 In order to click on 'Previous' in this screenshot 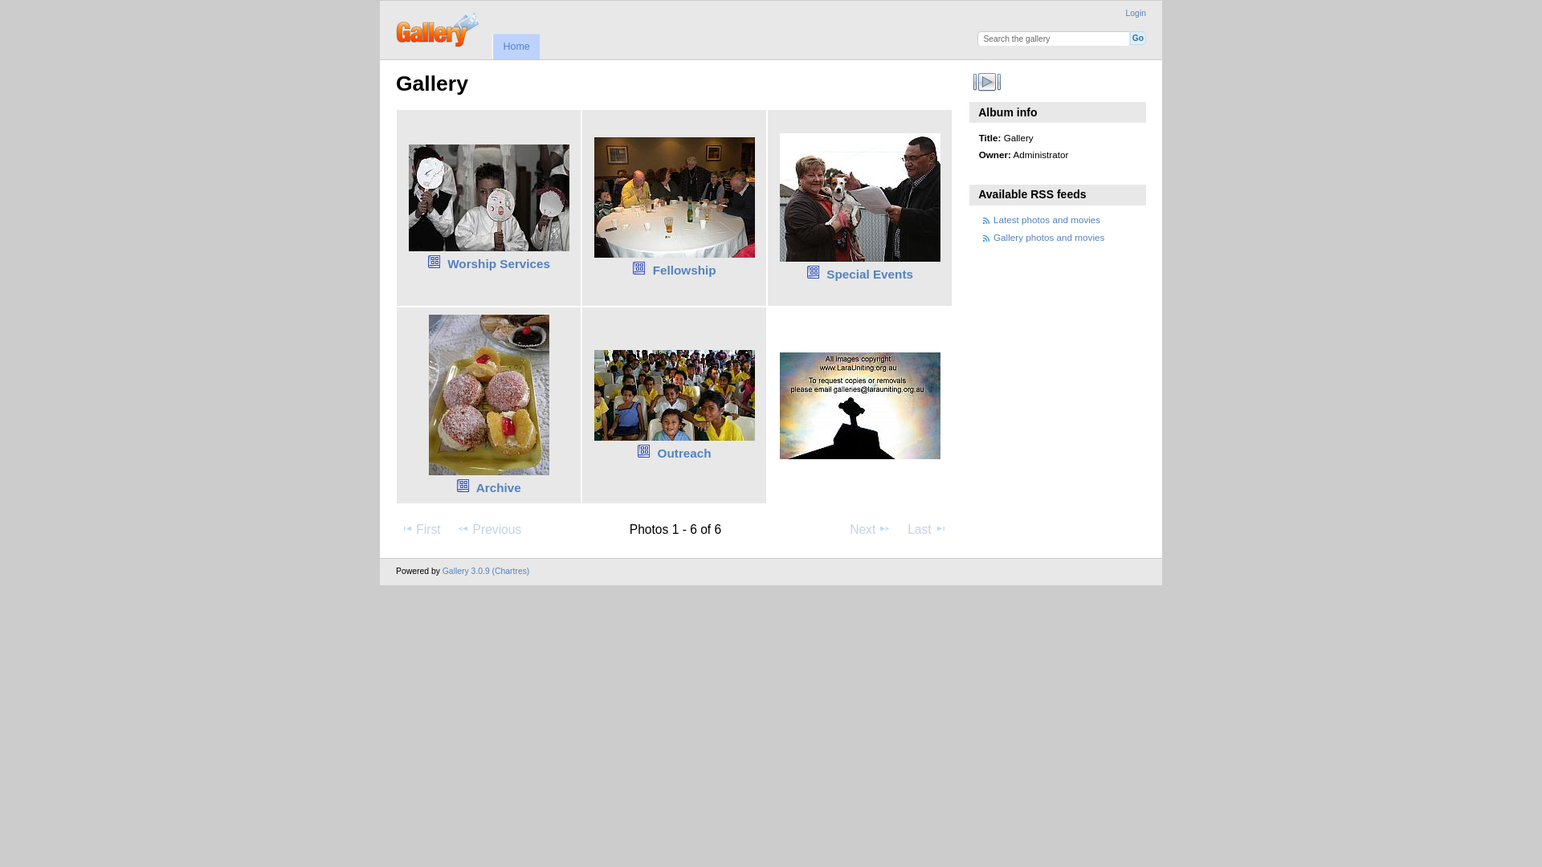, I will do `click(451, 529)`.